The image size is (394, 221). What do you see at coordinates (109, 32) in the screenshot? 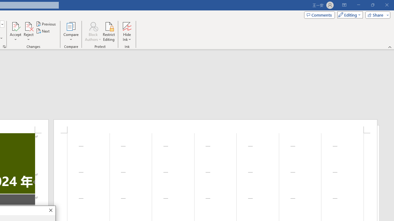
I see `'Restrict Editing'` at bounding box center [109, 32].